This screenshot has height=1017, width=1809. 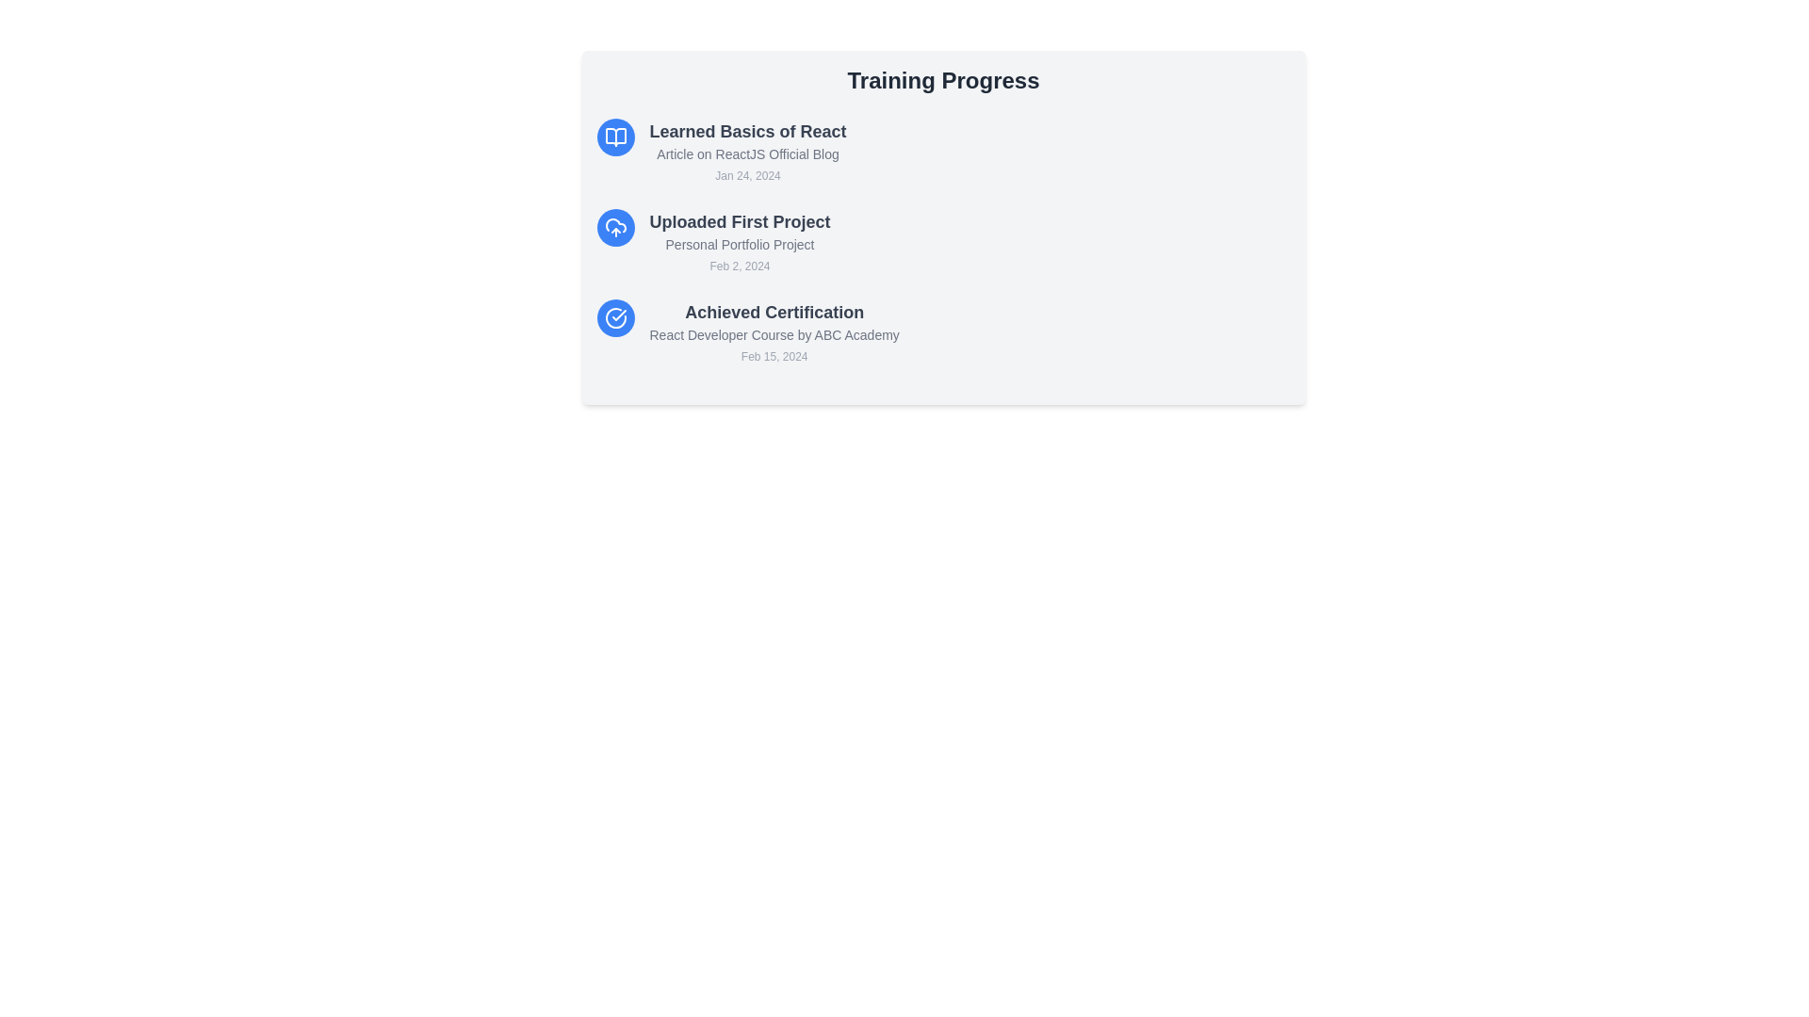 I want to click on the circular progress indicator icon located at the rightmost edge of the third row under the 'Training Progress' section for 'Achieved Certification', so click(x=615, y=317).